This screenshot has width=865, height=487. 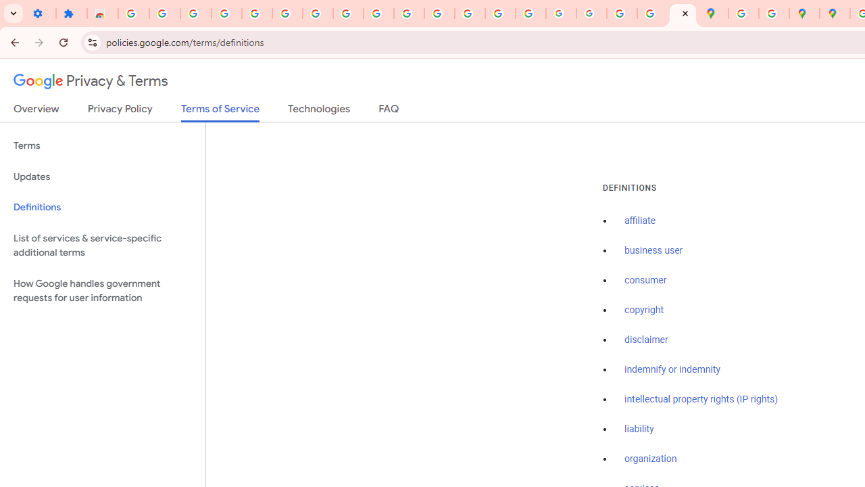 I want to click on 'Terms', so click(x=102, y=146).